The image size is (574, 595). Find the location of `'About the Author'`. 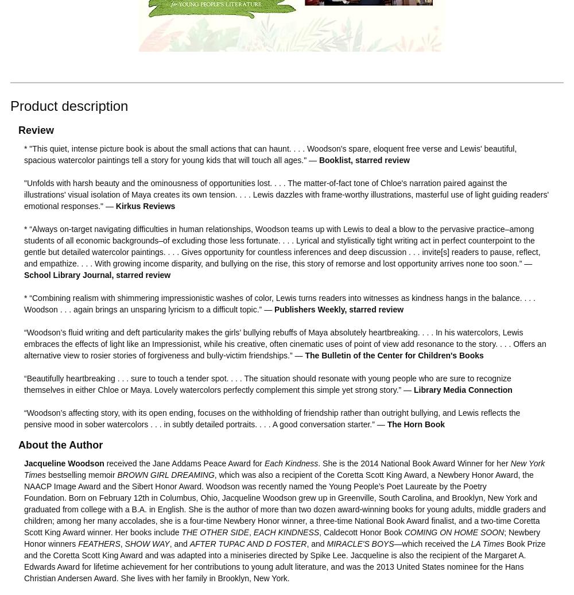

'About the Author' is located at coordinates (60, 444).